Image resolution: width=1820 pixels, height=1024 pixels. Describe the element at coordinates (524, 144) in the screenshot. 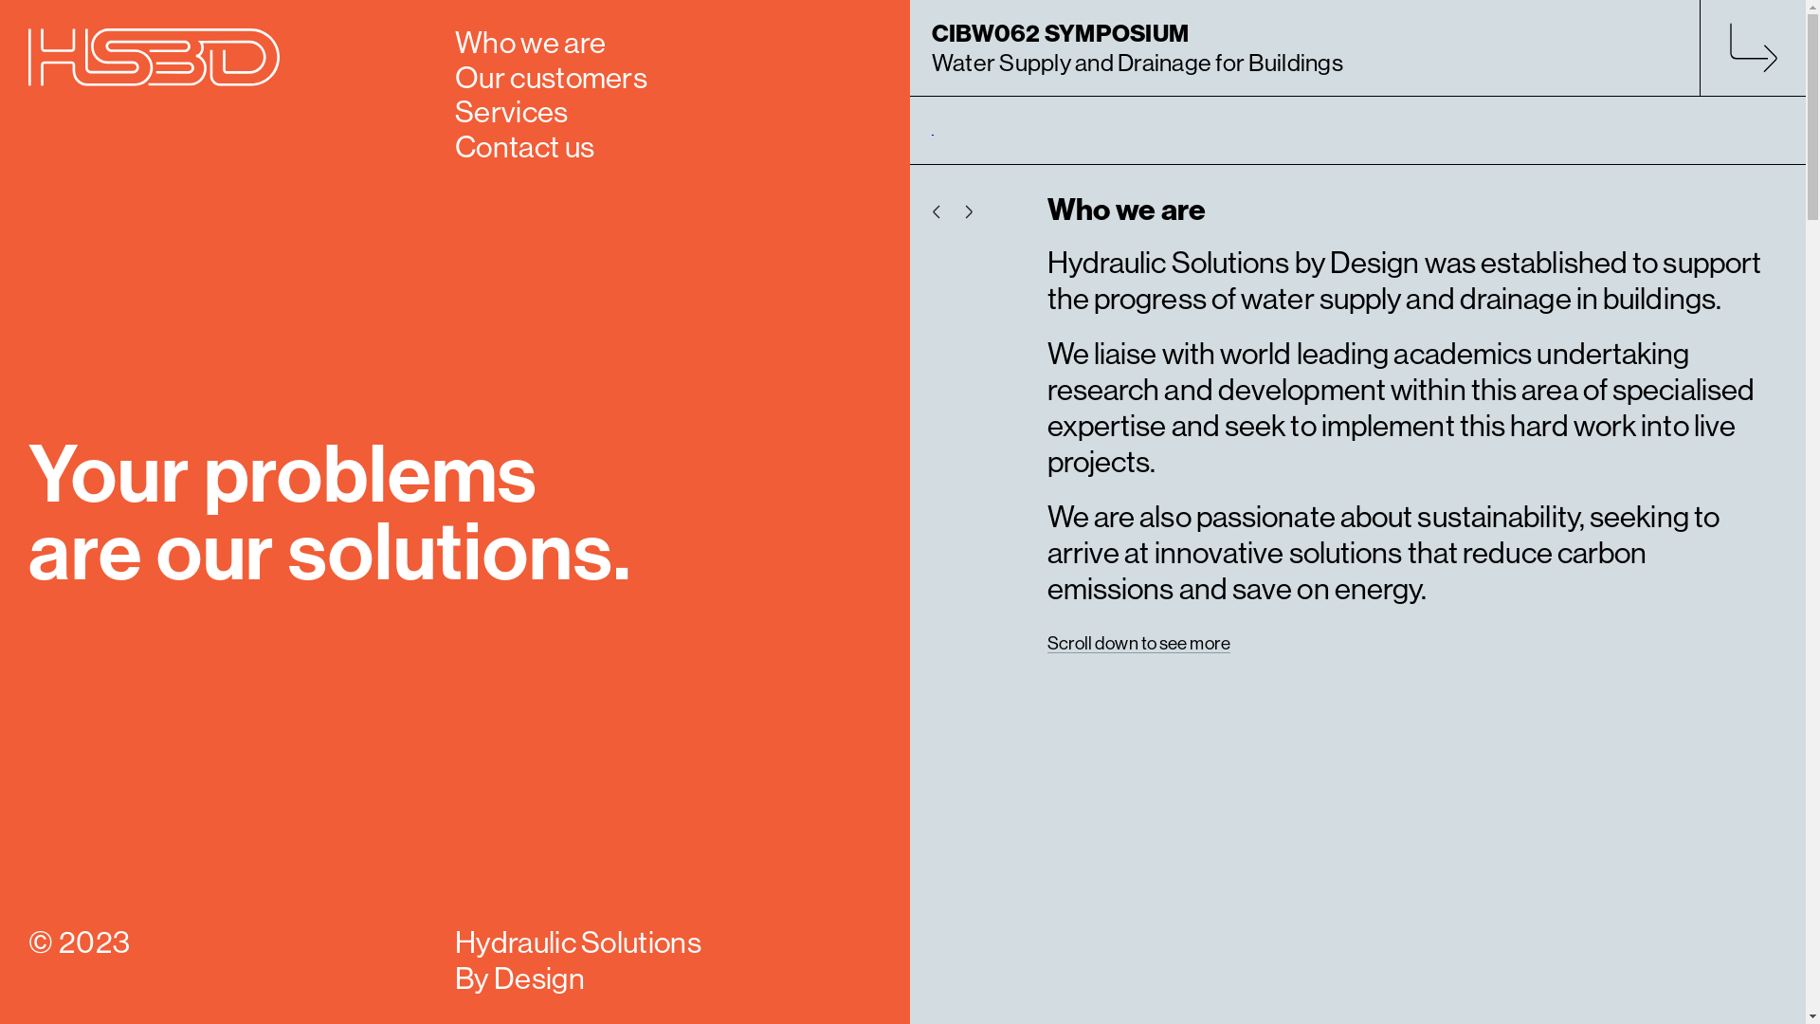

I see `'Contact us'` at that location.